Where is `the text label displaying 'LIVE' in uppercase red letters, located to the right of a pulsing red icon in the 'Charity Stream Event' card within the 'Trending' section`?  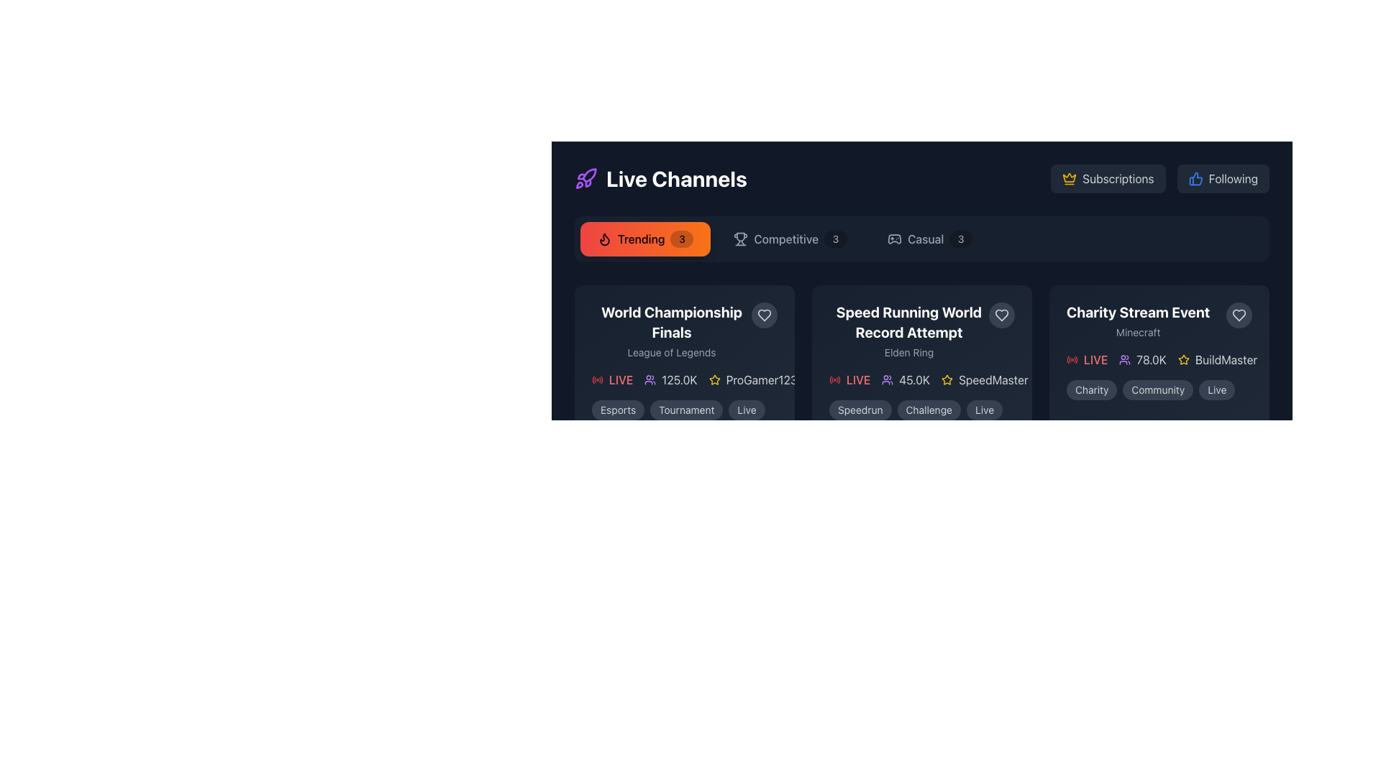
the text label displaying 'LIVE' in uppercase red letters, located to the right of a pulsing red icon in the 'Charity Stream Event' card within the 'Trending' section is located at coordinates (1095, 359).